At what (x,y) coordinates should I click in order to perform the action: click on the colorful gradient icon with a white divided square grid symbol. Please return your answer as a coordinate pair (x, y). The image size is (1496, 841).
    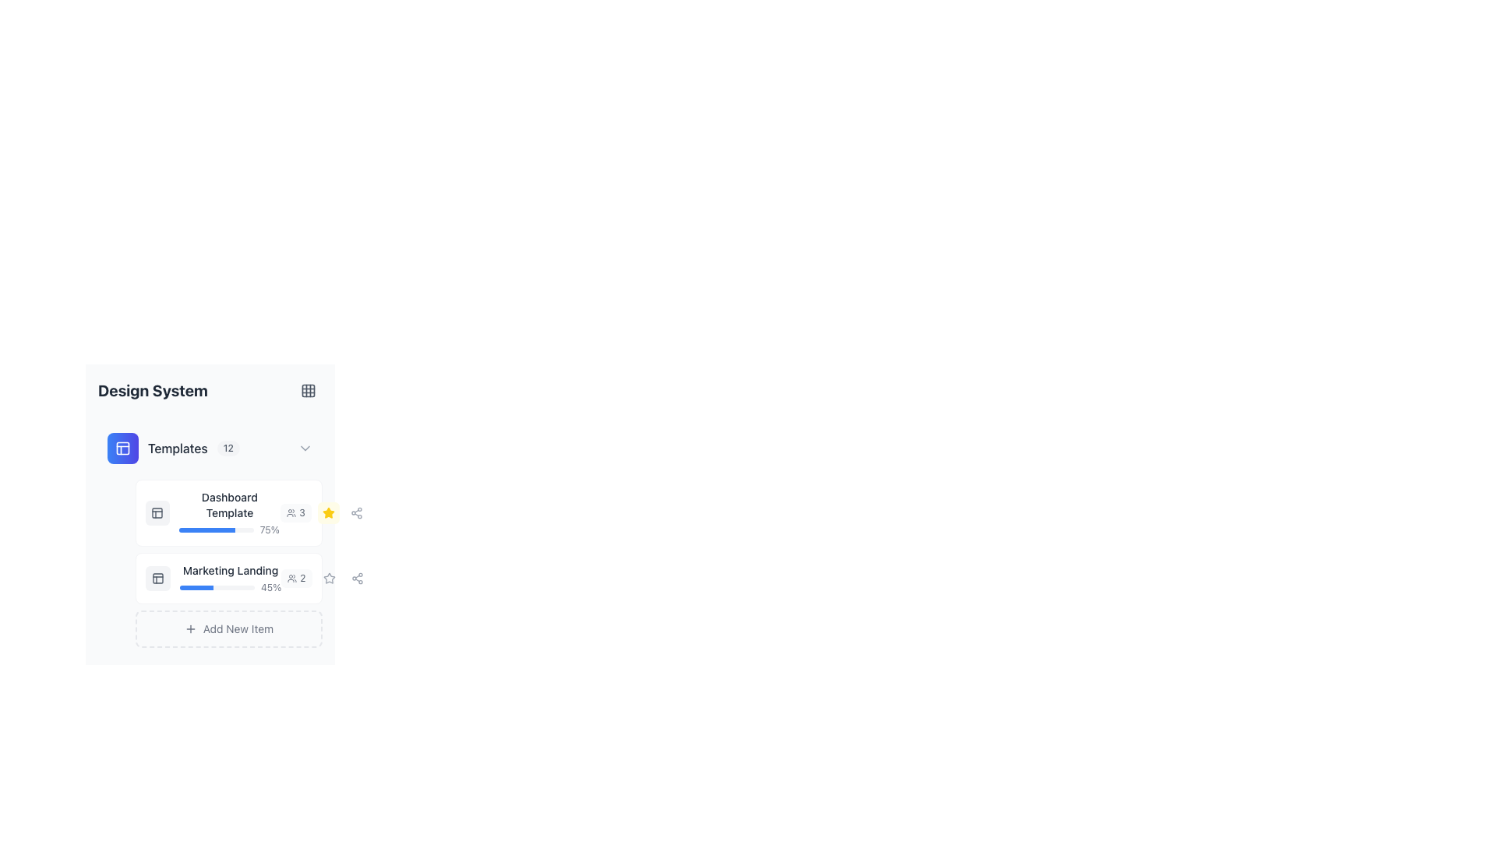
    Looking at the image, I should click on (122, 448).